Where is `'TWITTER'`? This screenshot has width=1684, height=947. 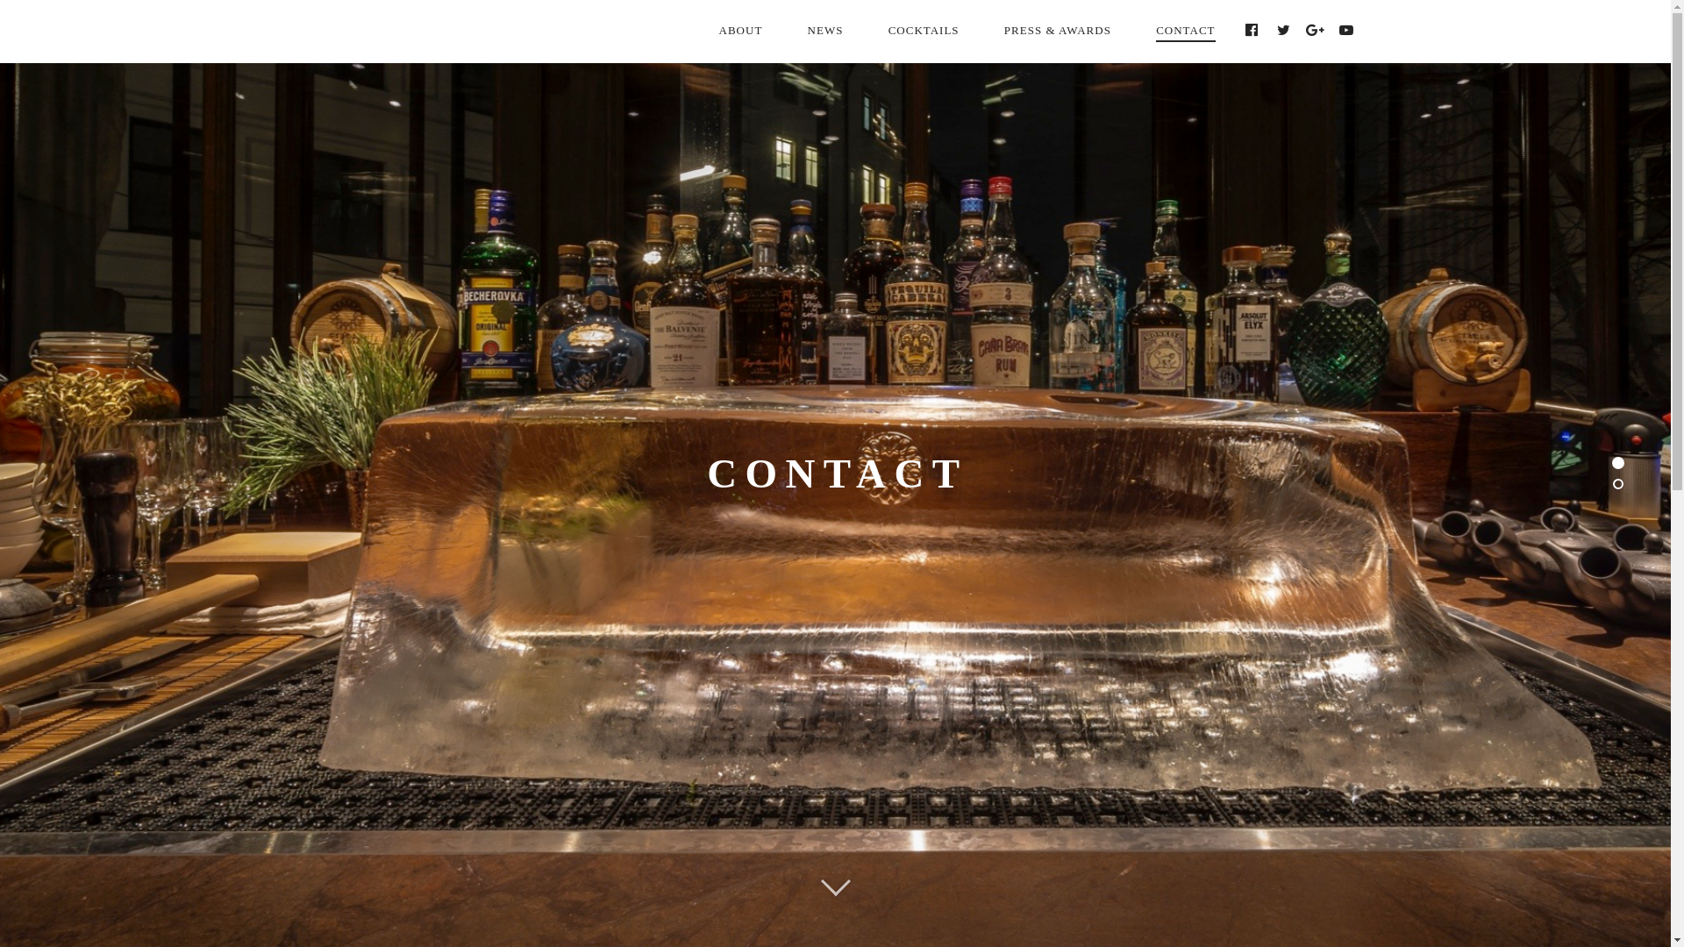 'TWITTER' is located at coordinates (1267, 30).